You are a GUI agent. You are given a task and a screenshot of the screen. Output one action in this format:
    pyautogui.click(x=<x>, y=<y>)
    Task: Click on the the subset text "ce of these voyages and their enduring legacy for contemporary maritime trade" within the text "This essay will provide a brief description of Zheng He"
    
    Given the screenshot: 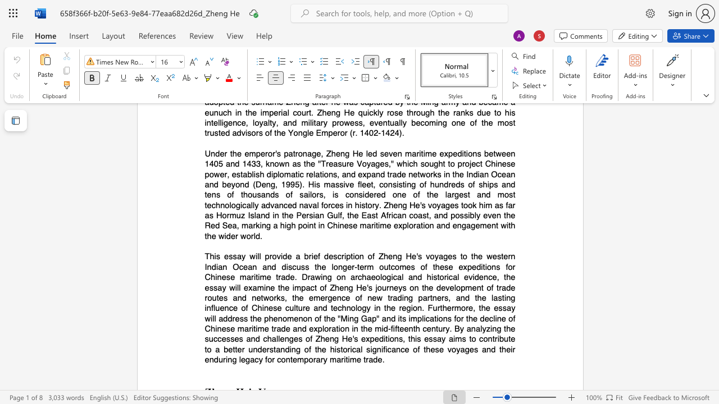 What is the action you would take?
    pyautogui.click(x=401, y=348)
    